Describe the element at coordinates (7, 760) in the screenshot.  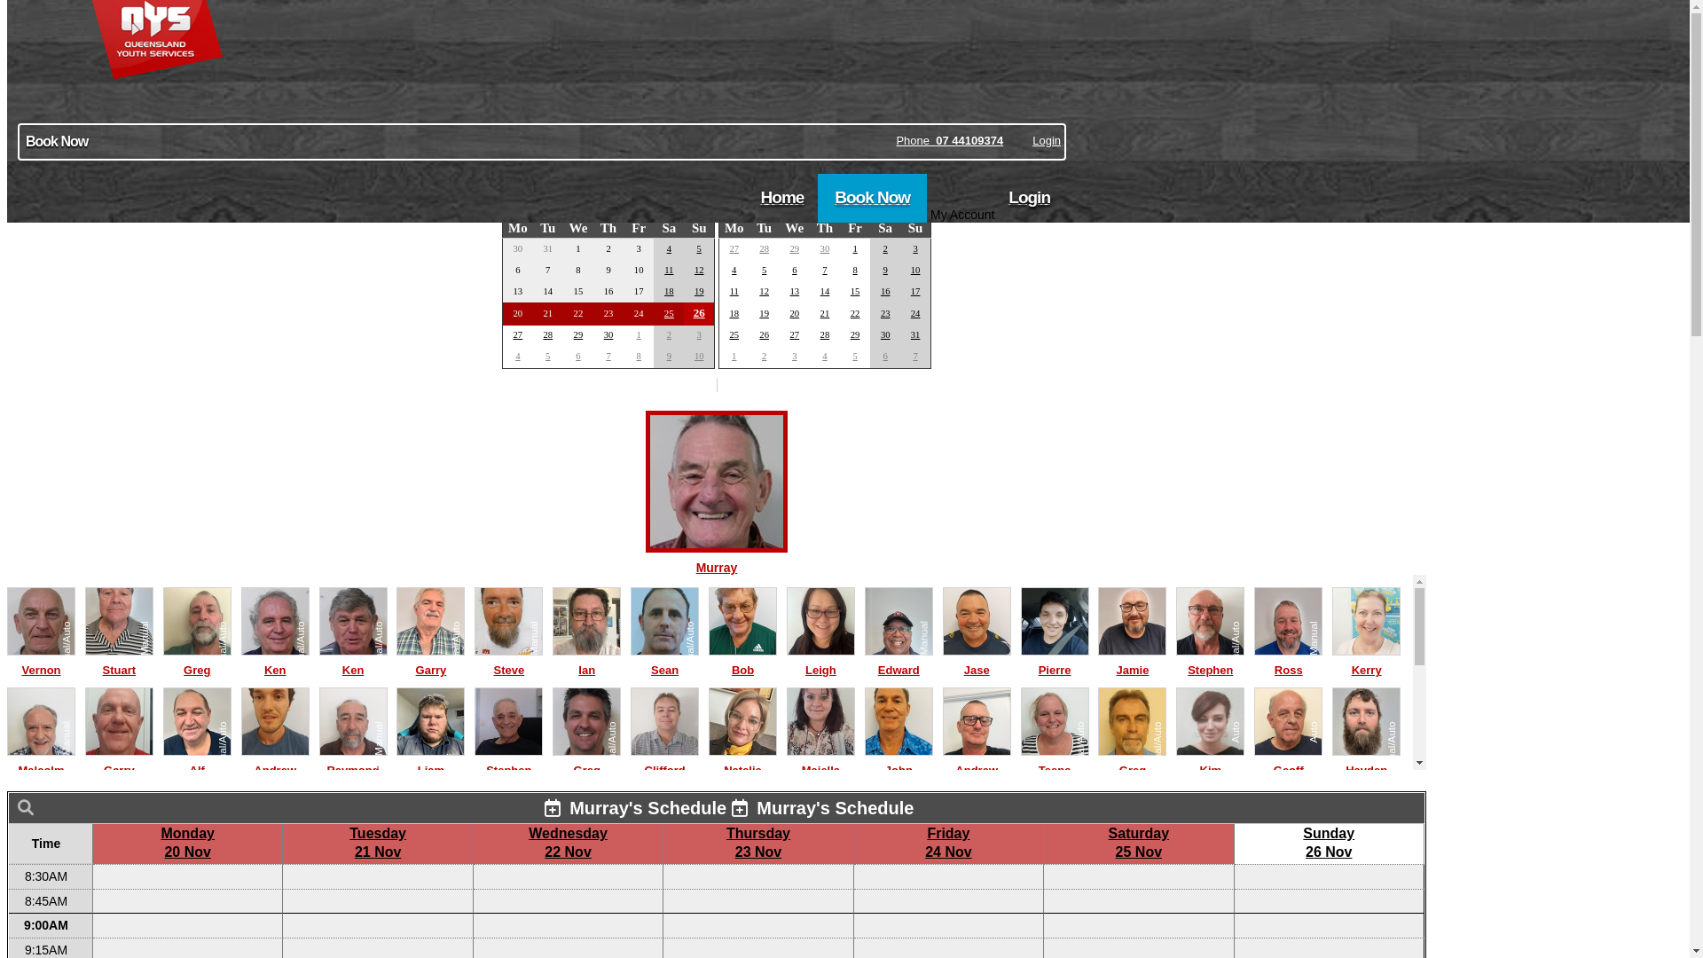
I see `'Malcolm` at that location.